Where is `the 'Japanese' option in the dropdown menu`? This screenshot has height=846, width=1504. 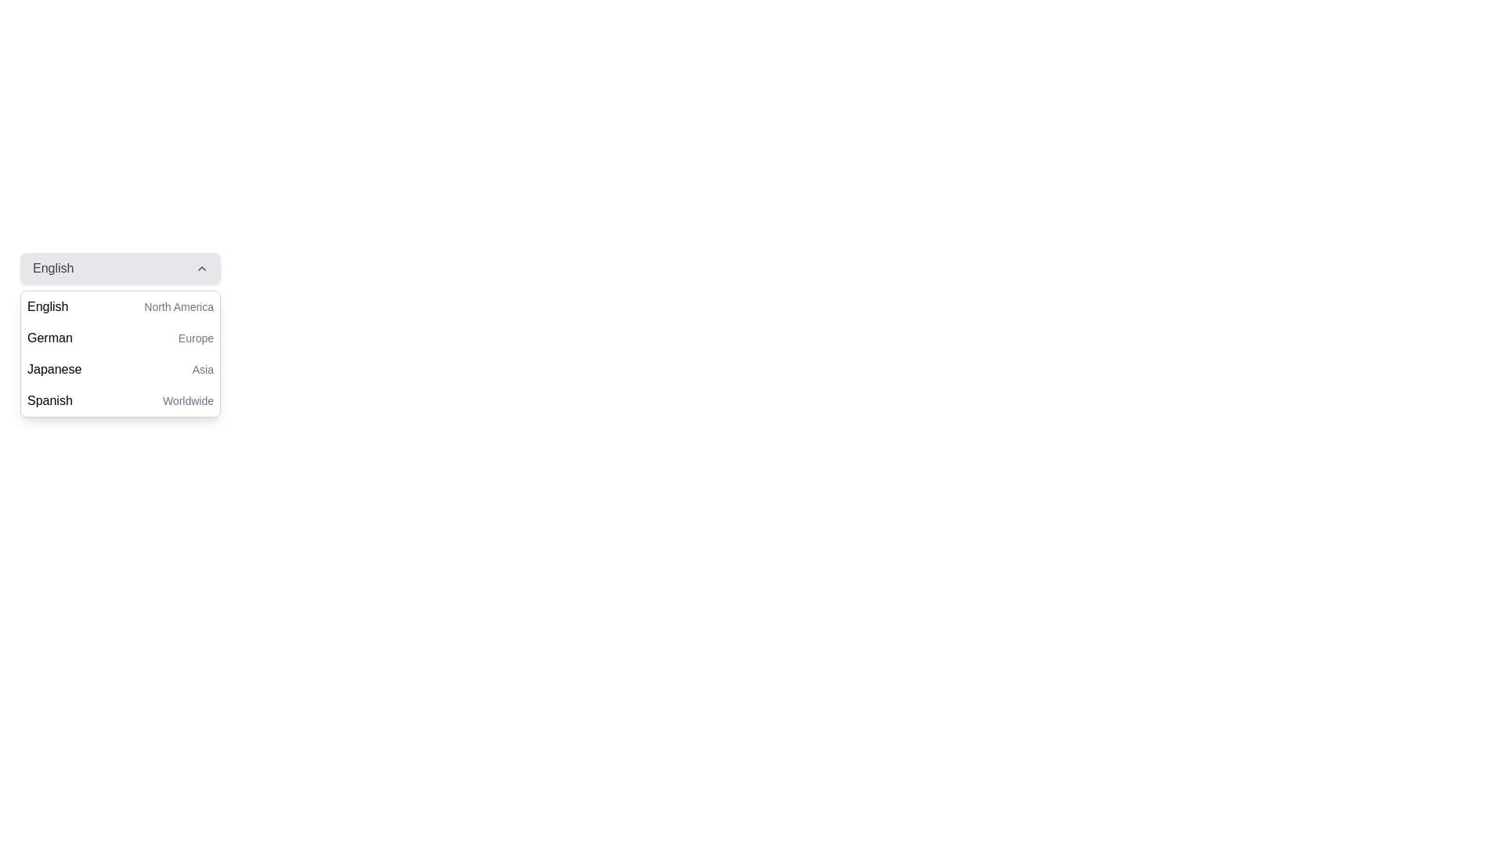 the 'Japanese' option in the dropdown menu is located at coordinates (119, 369).